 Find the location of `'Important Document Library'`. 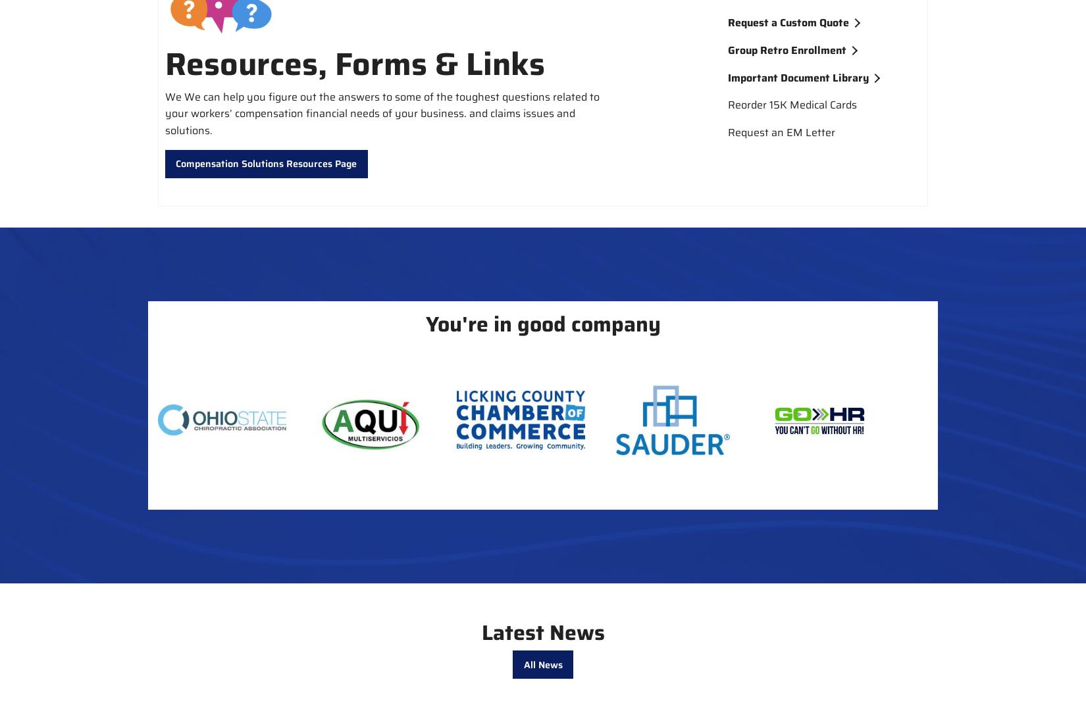

'Important Document Library' is located at coordinates (797, 77).